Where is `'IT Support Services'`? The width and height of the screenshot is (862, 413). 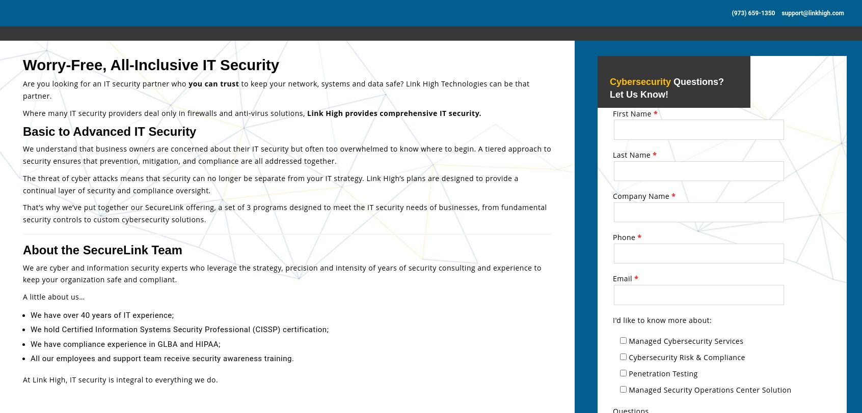 'IT Support Services' is located at coordinates (596, 76).